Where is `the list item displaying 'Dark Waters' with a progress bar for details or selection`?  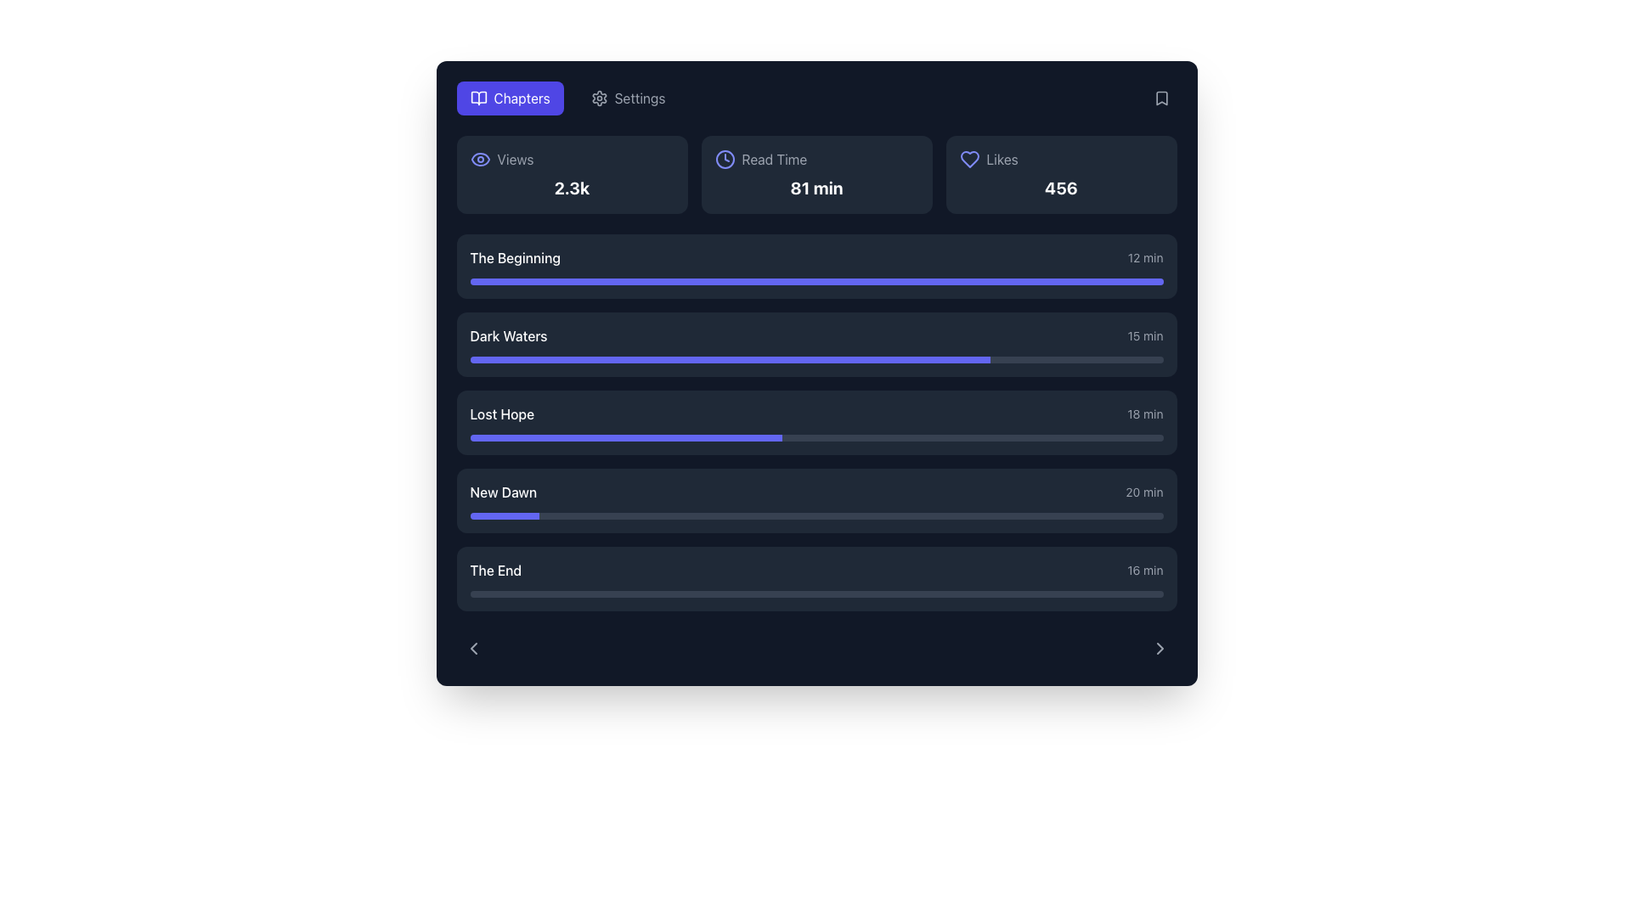
the list item displaying 'Dark Waters' with a progress bar for details or selection is located at coordinates (816, 344).